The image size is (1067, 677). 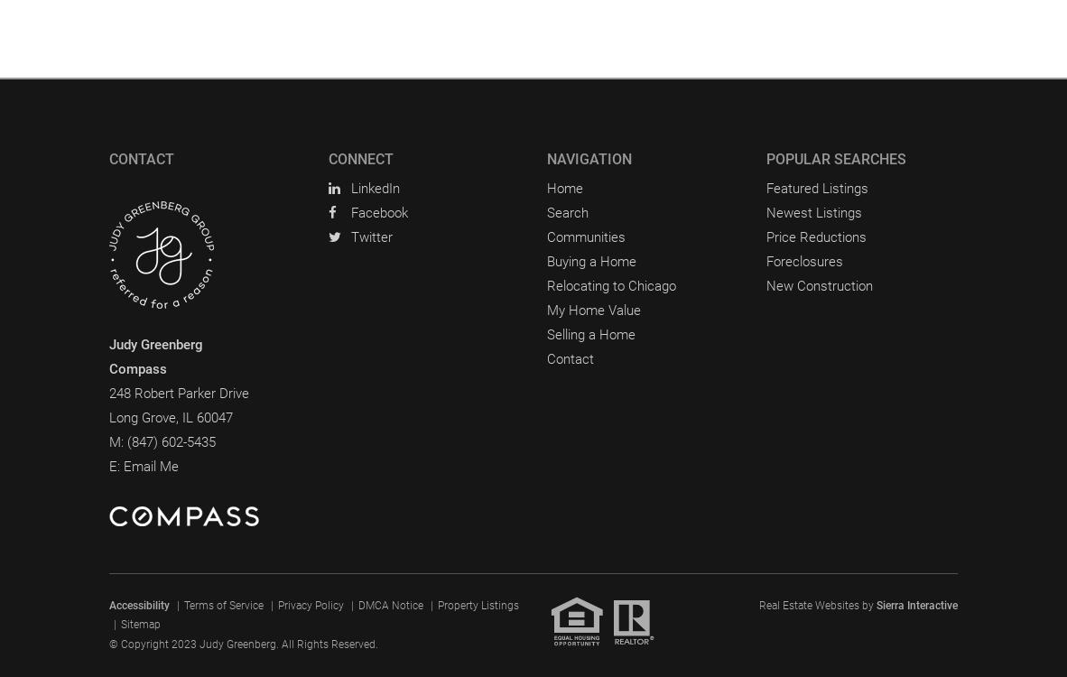 I want to click on 'My Home Value', so click(x=593, y=308).